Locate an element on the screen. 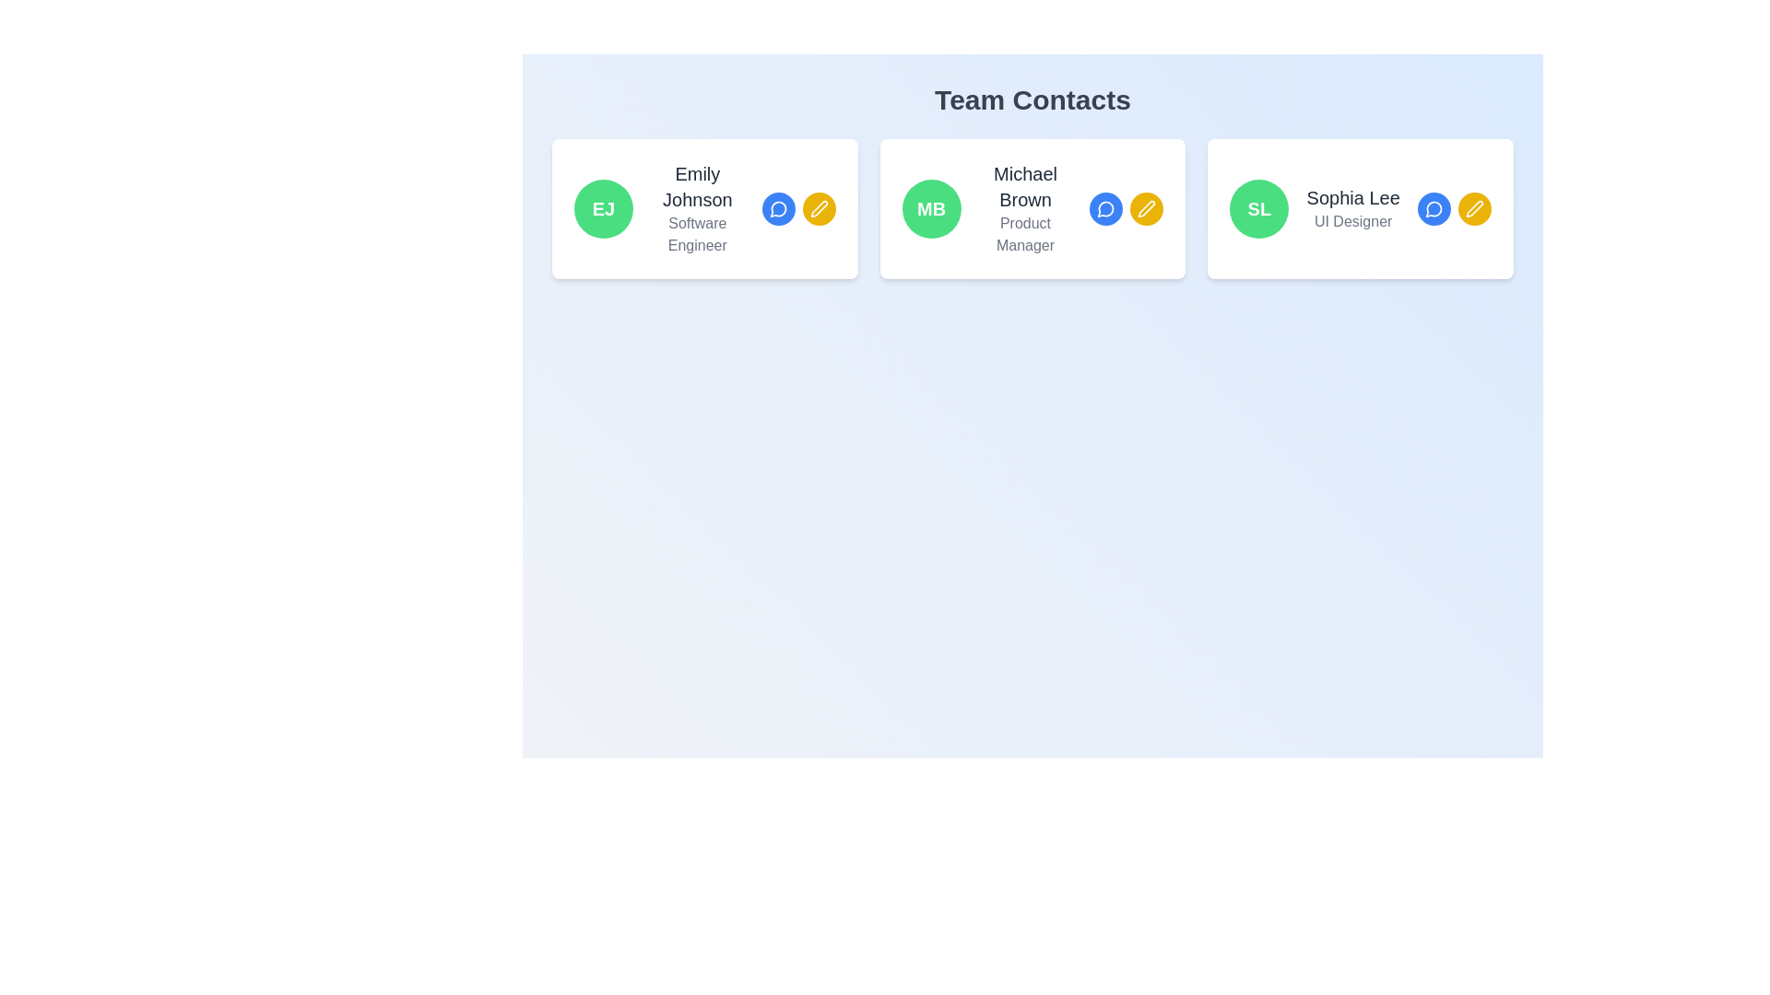  the text label displaying 'UI Designer' in gray font, located beneath 'Sophia Lee' in the third profile card is located at coordinates (1353, 220).